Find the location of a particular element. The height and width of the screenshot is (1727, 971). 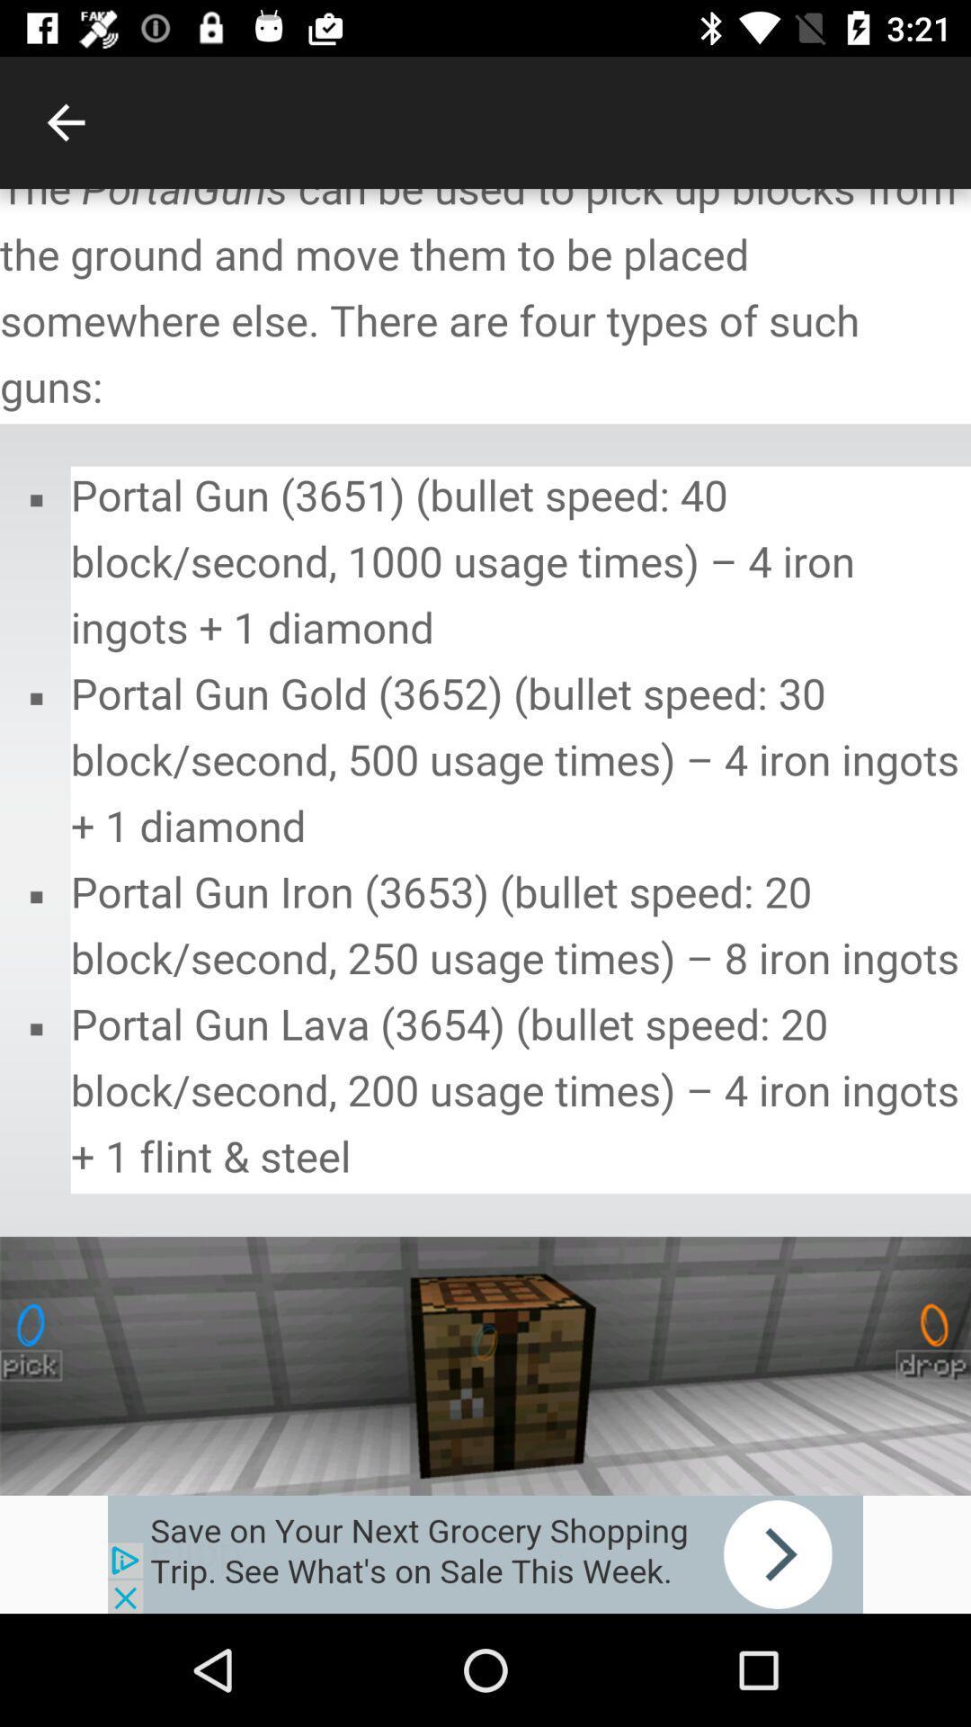

try this promotion is located at coordinates (485, 1553).